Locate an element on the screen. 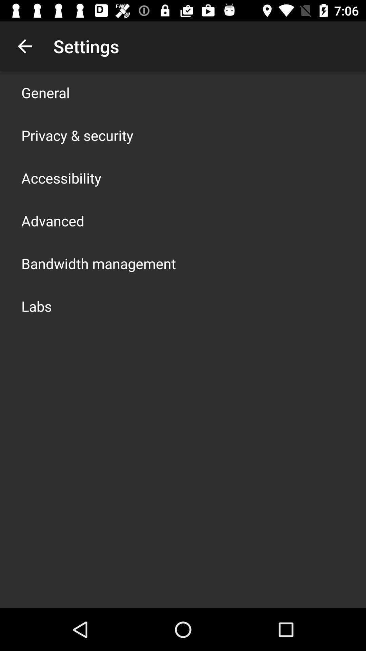 This screenshot has height=651, width=366. the privacy & security item is located at coordinates (77, 135).